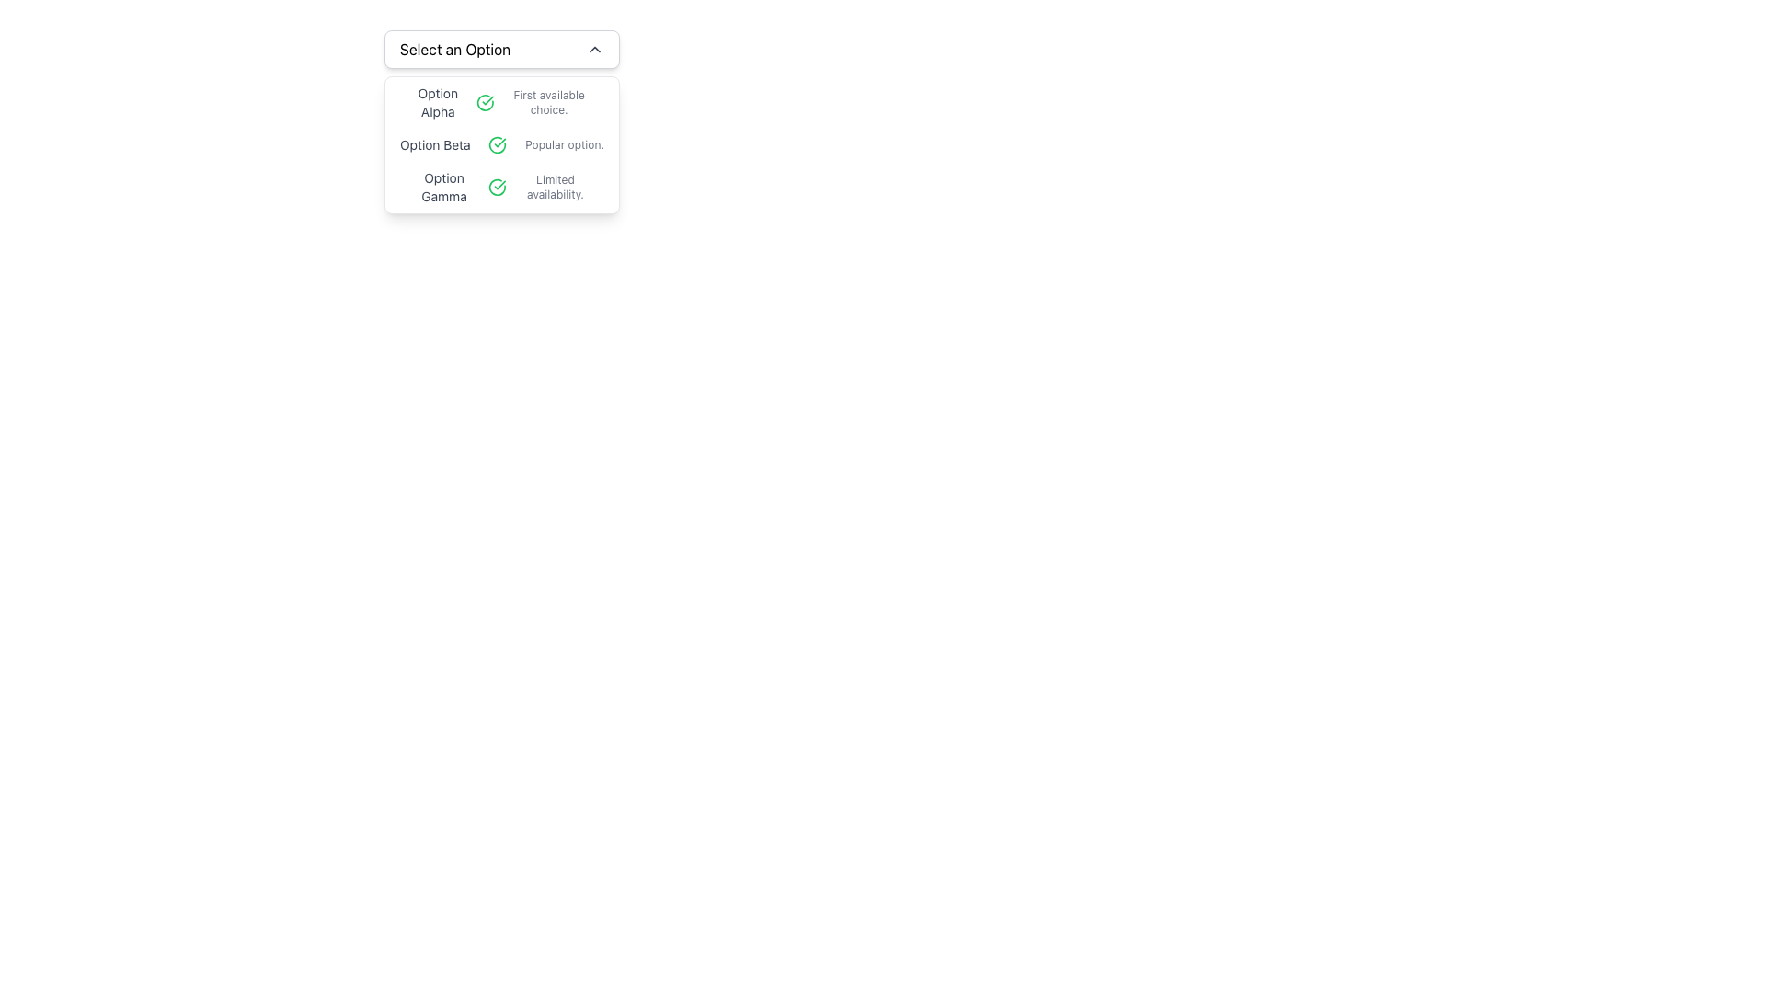 Image resolution: width=1766 pixels, height=993 pixels. I want to click on the status of the green circular icon with a checkmark inside, located to the right of the text 'Option Alpha' in the dropdown menu, so click(485, 102).